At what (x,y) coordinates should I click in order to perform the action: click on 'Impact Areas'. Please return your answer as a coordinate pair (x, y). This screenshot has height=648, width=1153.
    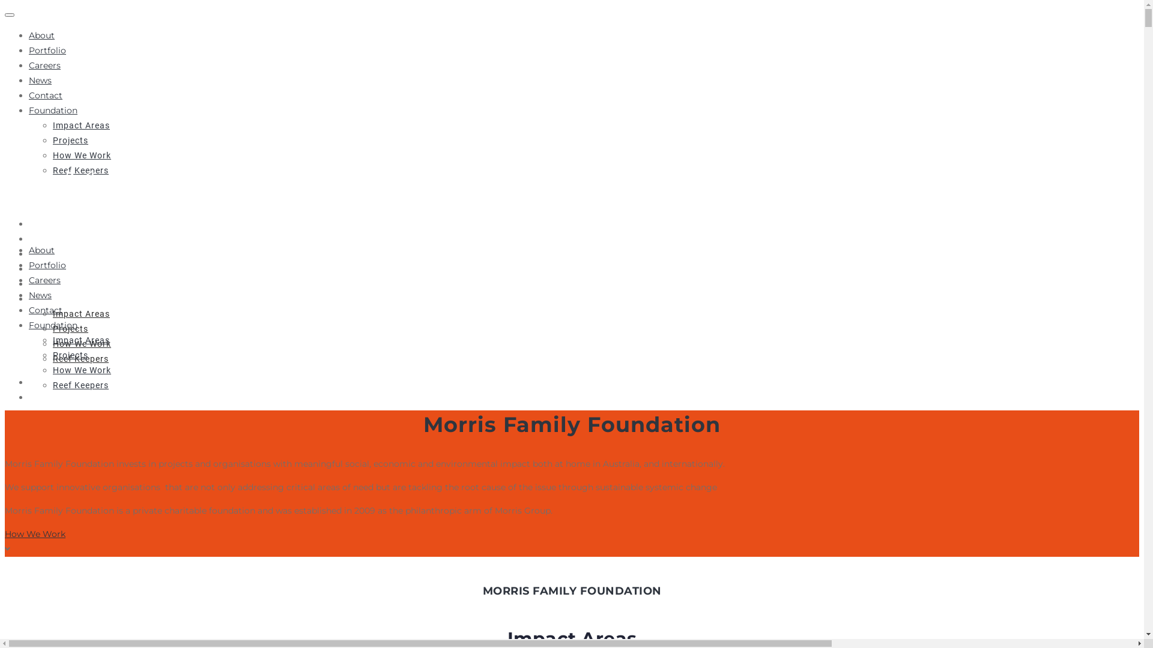
    Looking at the image, I should click on (52, 312).